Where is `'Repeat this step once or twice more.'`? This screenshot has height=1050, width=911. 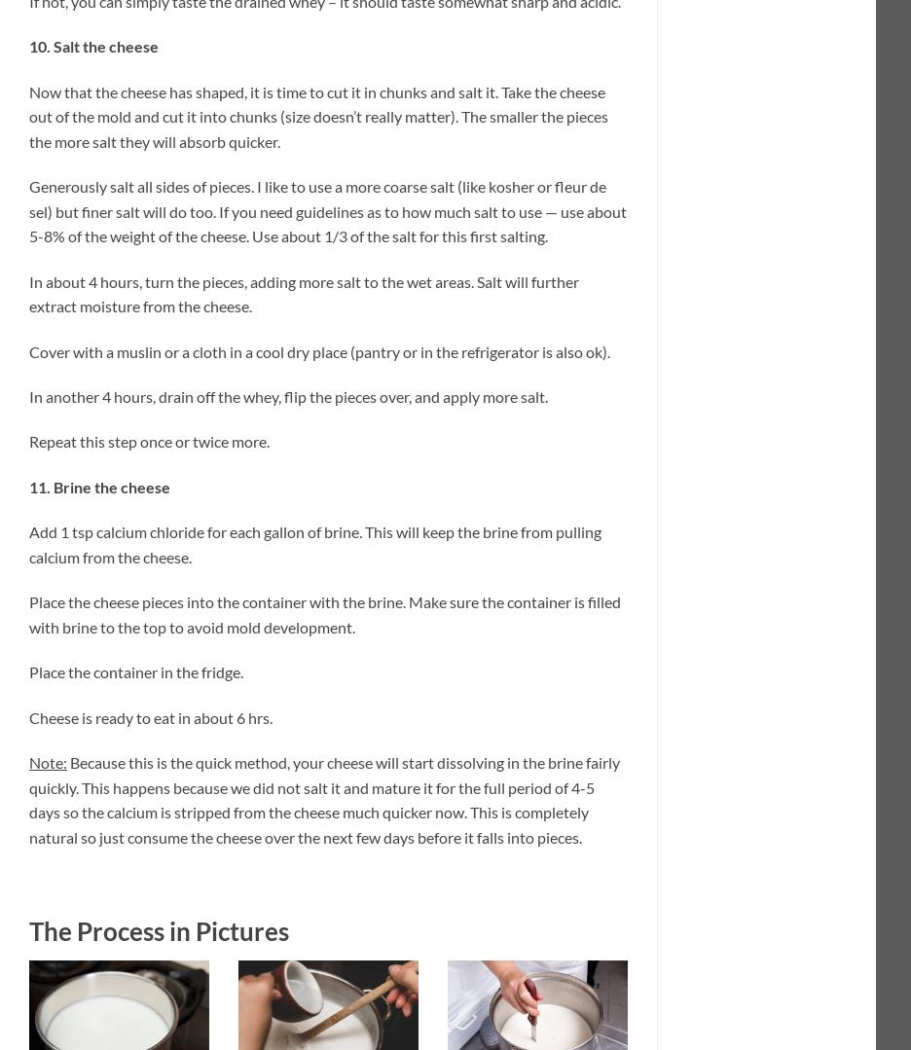 'Repeat this step once or twice more.' is located at coordinates (149, 441).